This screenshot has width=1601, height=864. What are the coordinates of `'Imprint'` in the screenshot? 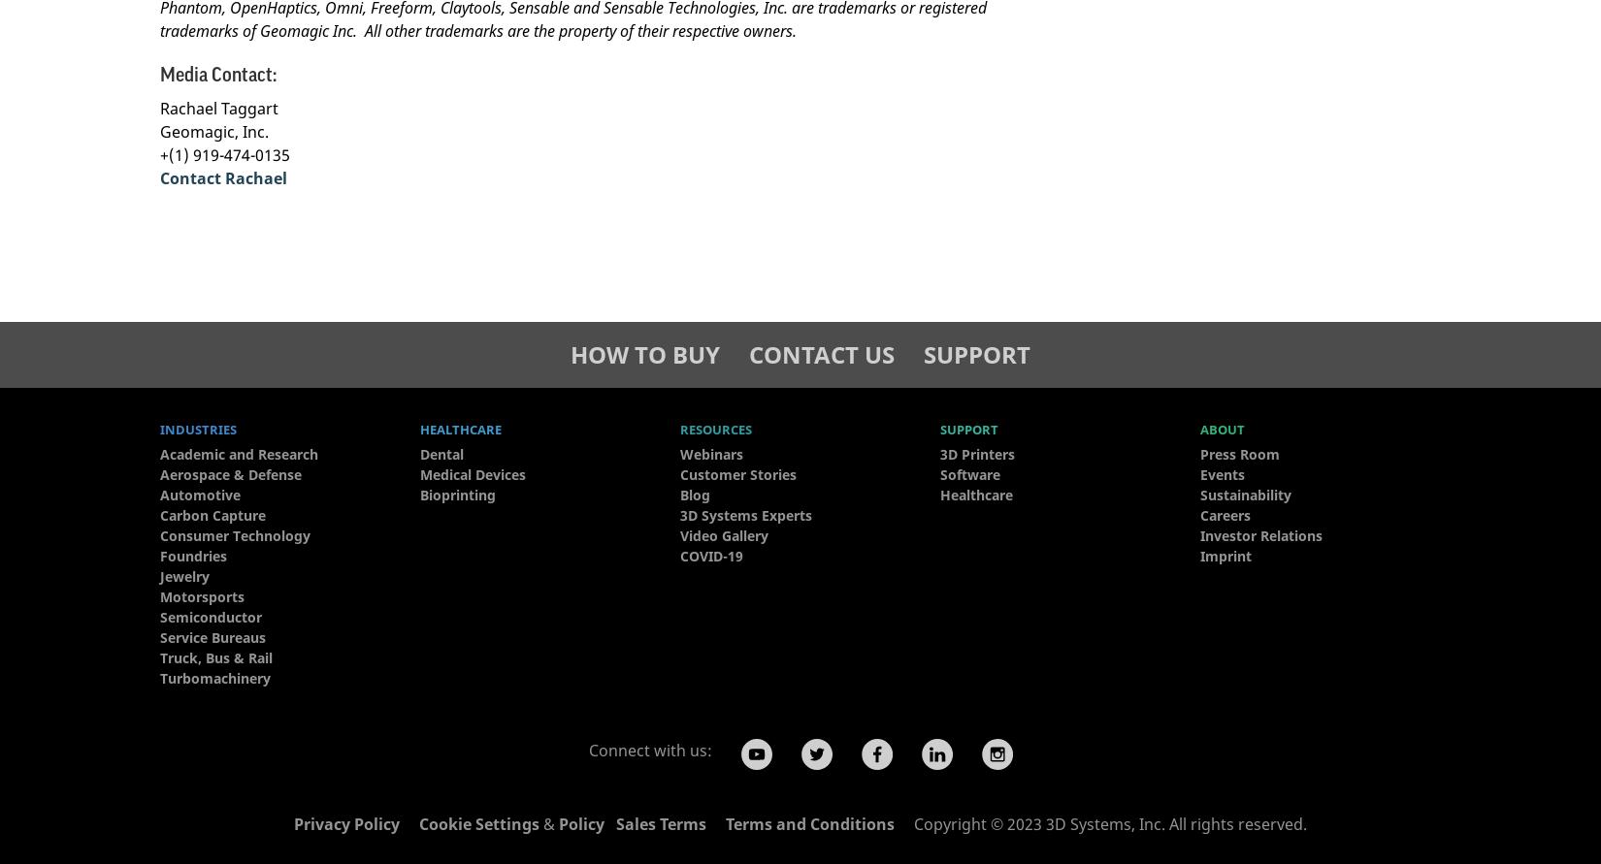 It's located at (1225, 555).